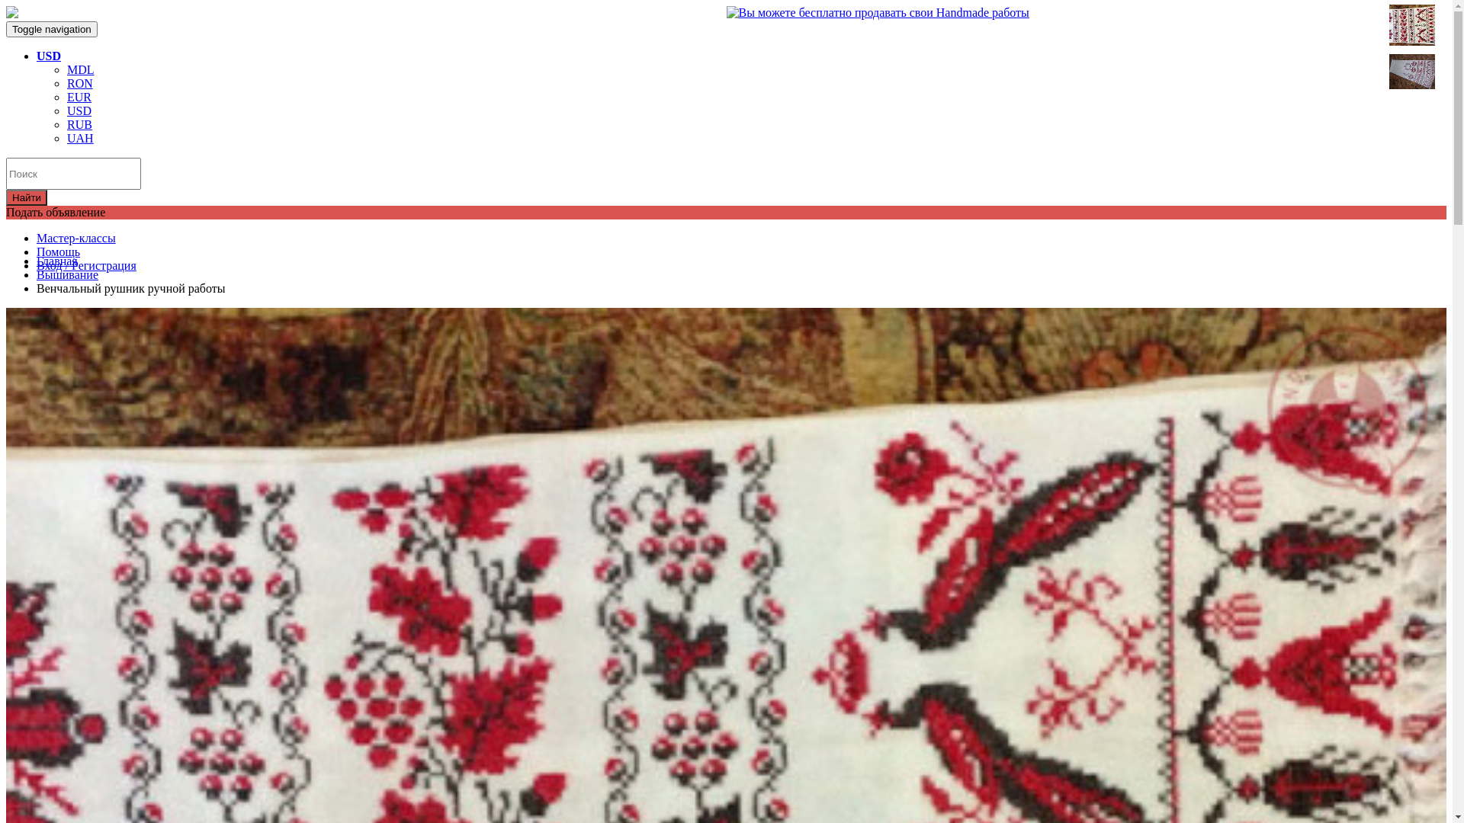  I want to click on 'MDL', so click(79, 69).